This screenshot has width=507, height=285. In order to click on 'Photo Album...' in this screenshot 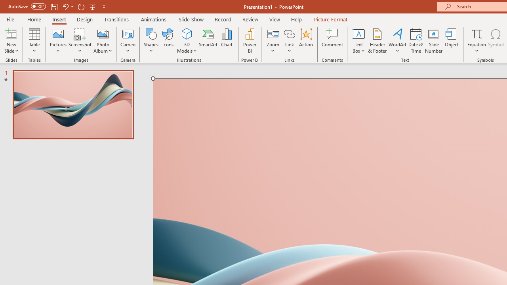, I will do `click(102, 41)`.